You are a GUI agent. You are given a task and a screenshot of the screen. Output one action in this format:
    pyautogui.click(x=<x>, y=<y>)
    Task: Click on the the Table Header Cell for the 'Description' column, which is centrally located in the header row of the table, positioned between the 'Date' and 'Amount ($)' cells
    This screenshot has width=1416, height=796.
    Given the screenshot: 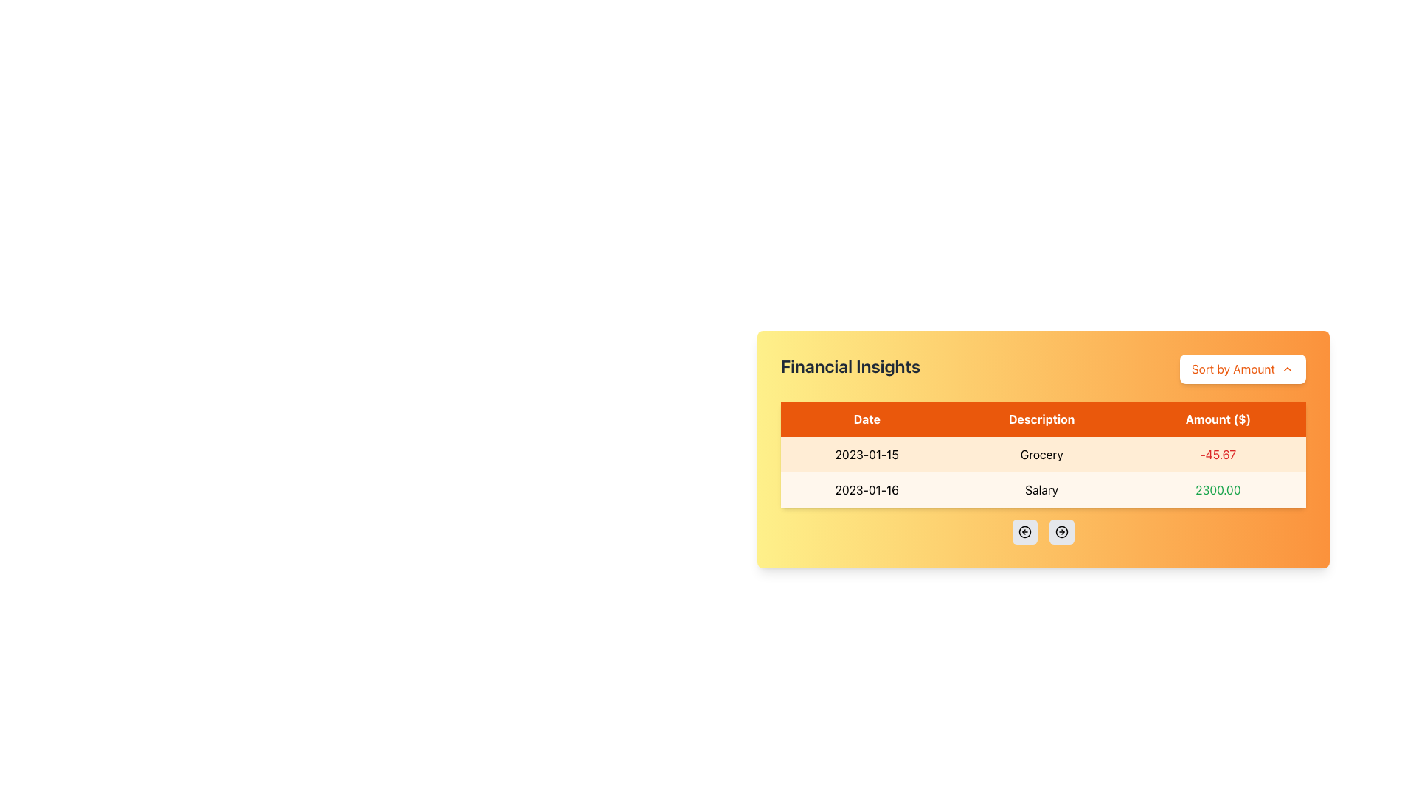 What is the action you would take?
    pyautogui.click(x=1041, y=419)
    